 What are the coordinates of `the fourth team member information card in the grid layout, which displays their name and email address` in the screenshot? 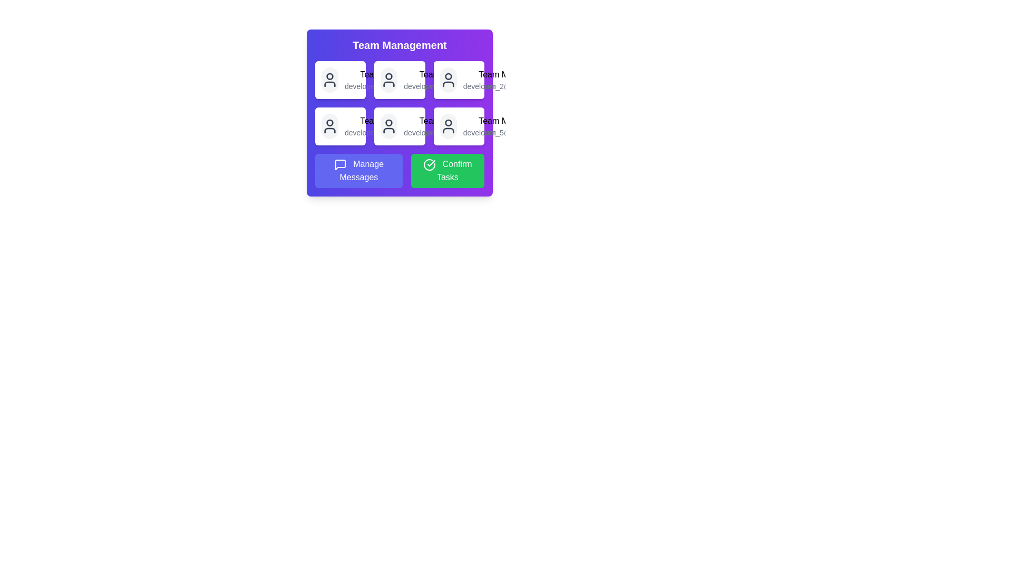 It's located at (340, 125).